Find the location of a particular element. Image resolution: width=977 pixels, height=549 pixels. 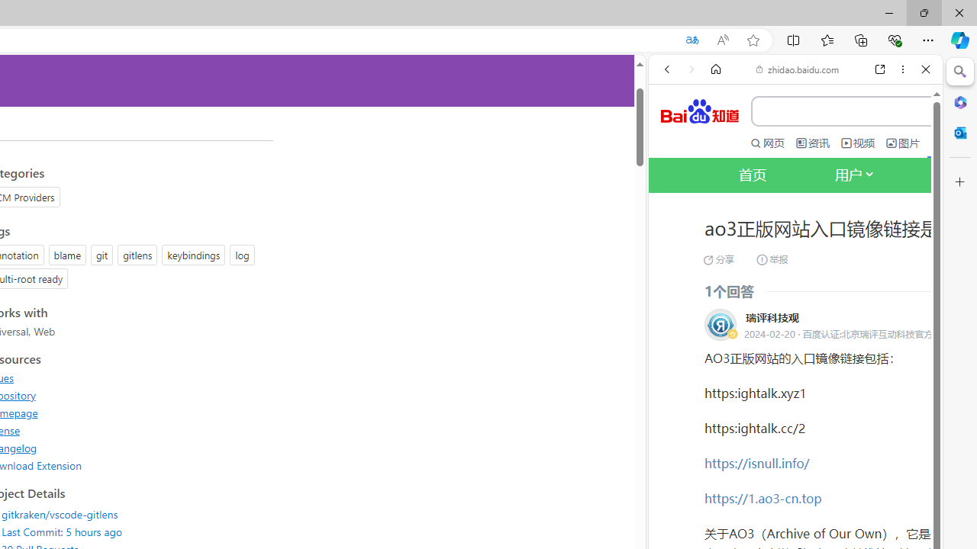

'This site scope' is located at coordinates (714, 137).